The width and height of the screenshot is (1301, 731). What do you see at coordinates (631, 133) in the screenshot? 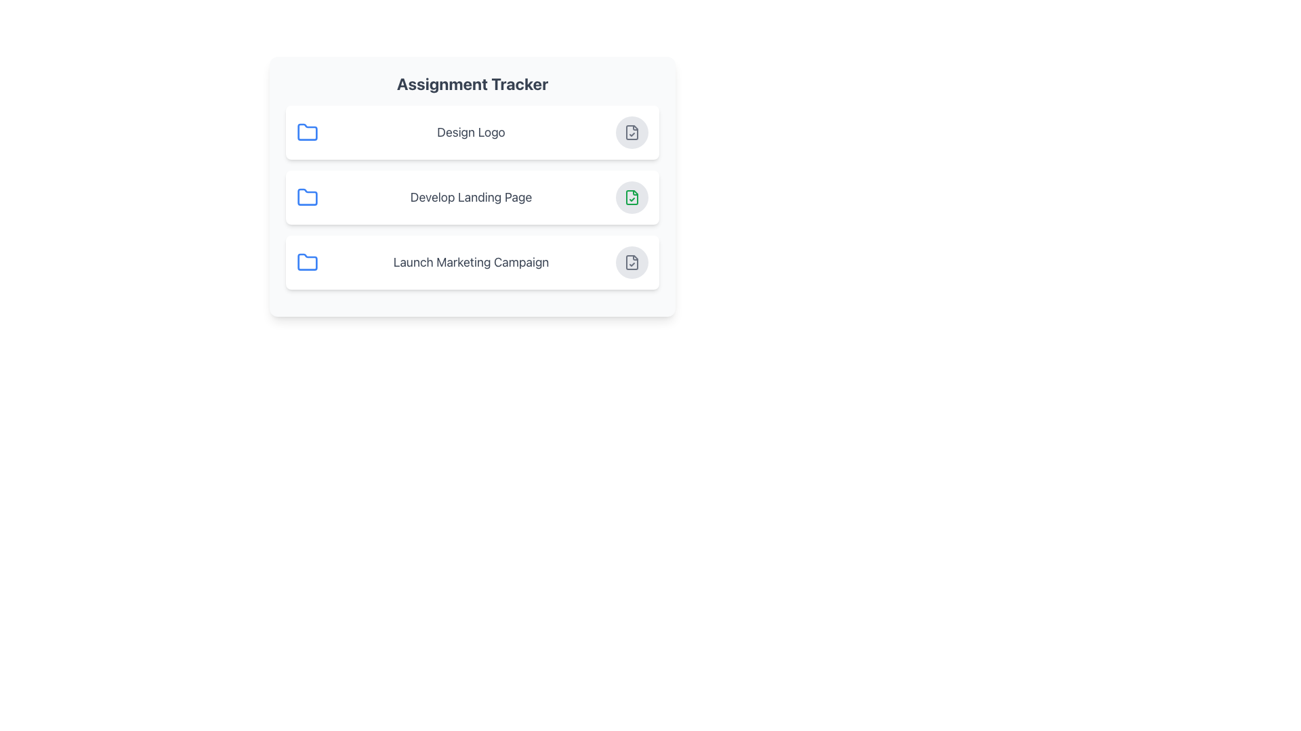
I see `the circular button with a document icon and checkmark, located to the right of 'Design Logo' in the 'Assignment Tracker' list` at bounding box center [631, 133].